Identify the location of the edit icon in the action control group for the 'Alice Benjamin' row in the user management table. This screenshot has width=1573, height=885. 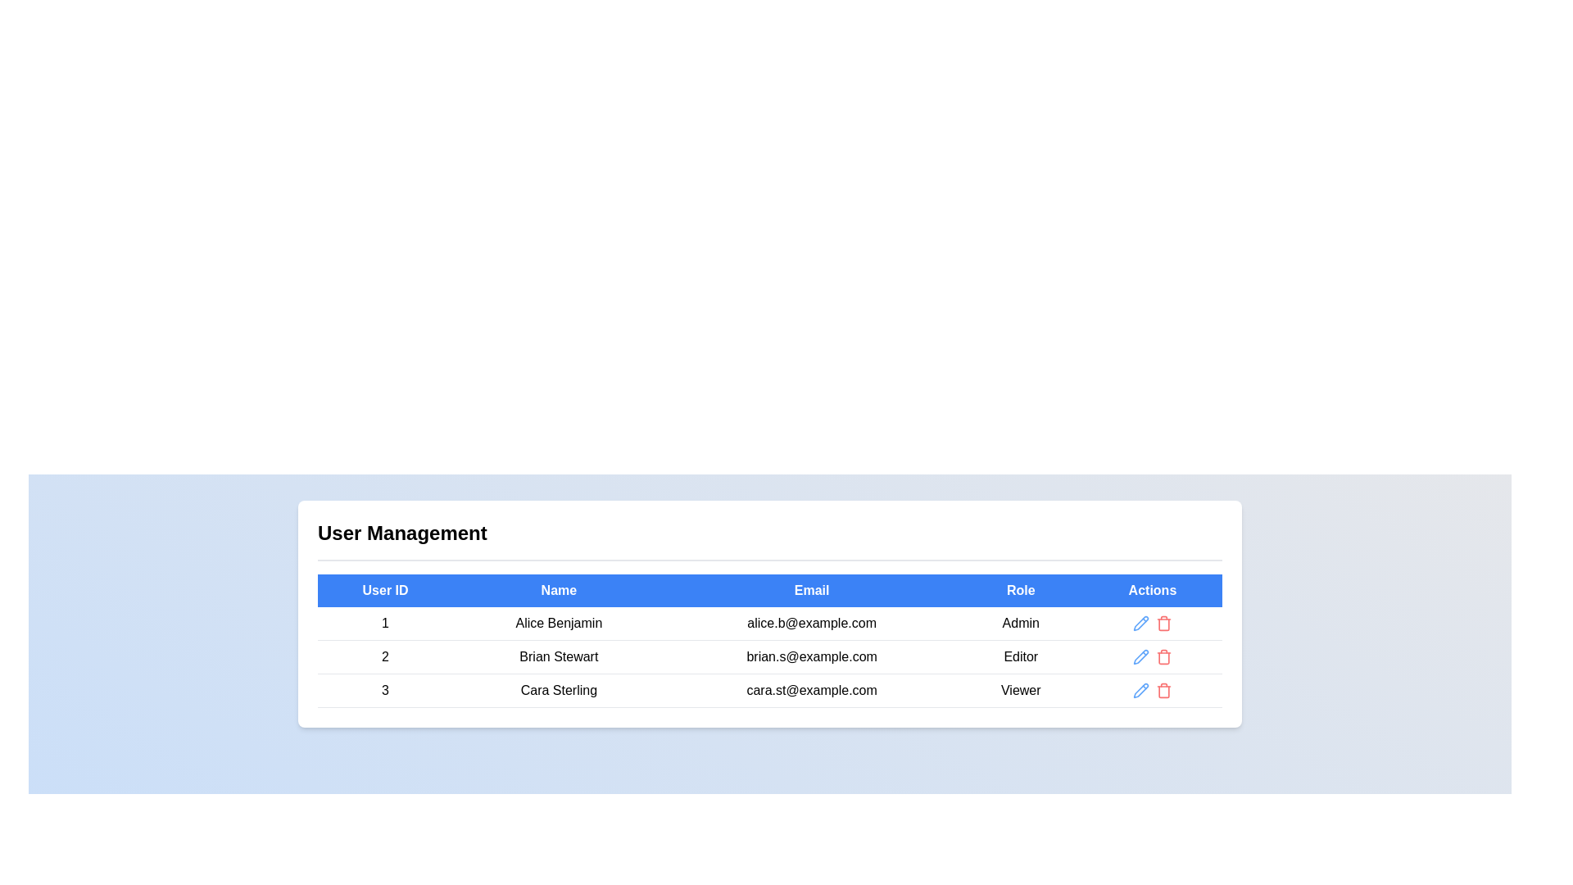
(1151, 624).